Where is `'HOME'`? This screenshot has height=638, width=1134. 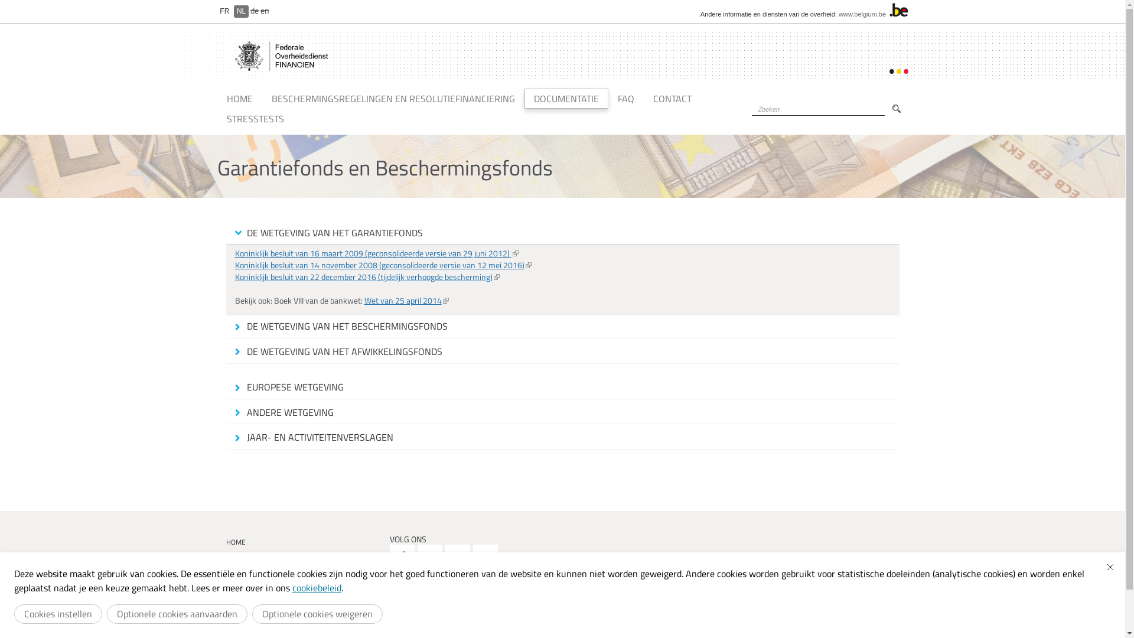
'HOME' is located at coordinates (239, 97).